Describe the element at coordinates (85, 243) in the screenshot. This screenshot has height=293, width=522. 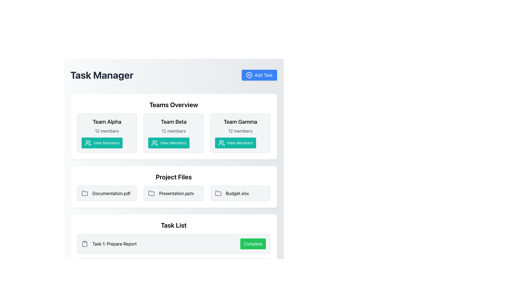
I see `the clipboard icon associated with the task 'Task 1: Prepare Report' located in the 'Task List' section` at that location.